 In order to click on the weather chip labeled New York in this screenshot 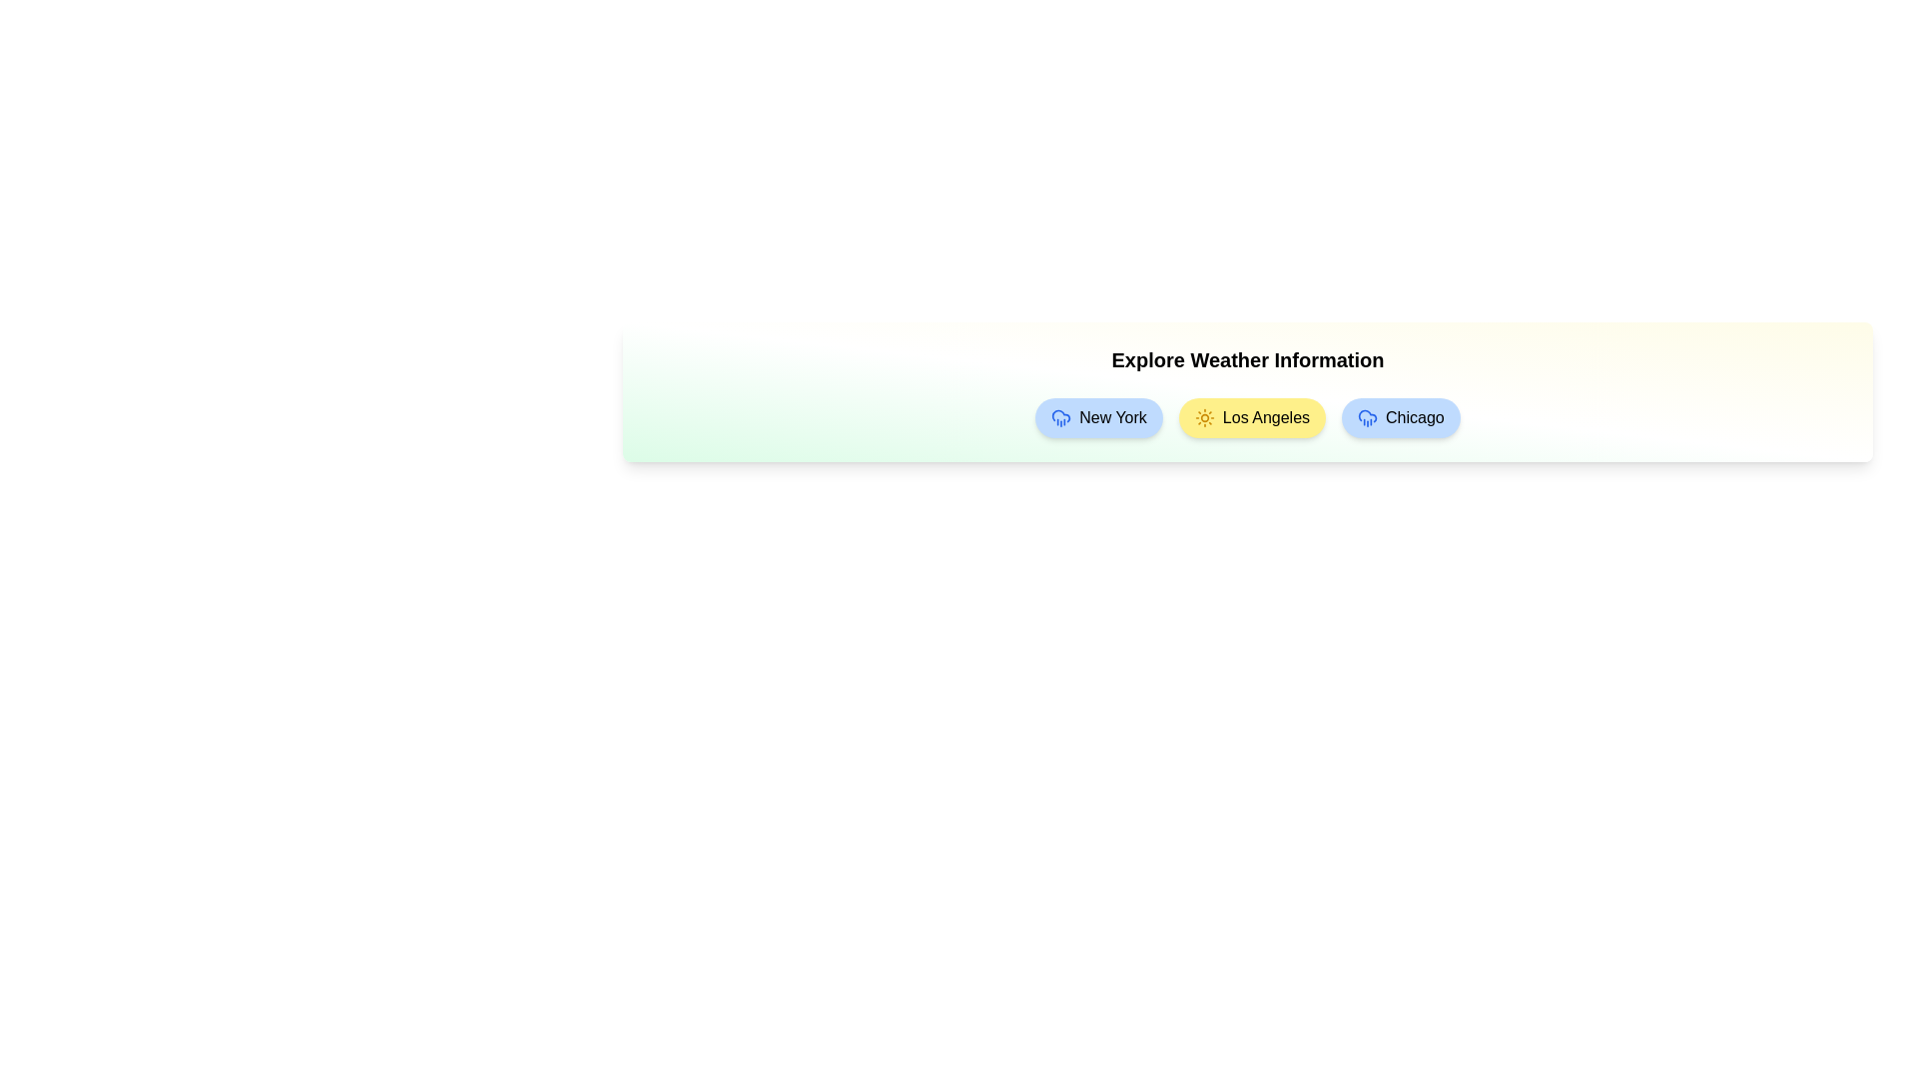, I will do `click(1097, 417)`.